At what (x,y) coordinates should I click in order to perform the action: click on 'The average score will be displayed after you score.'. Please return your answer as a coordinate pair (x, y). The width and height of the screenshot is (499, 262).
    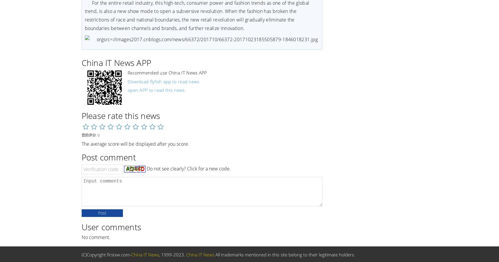
    Looking at the image, I should click on (135, 143).